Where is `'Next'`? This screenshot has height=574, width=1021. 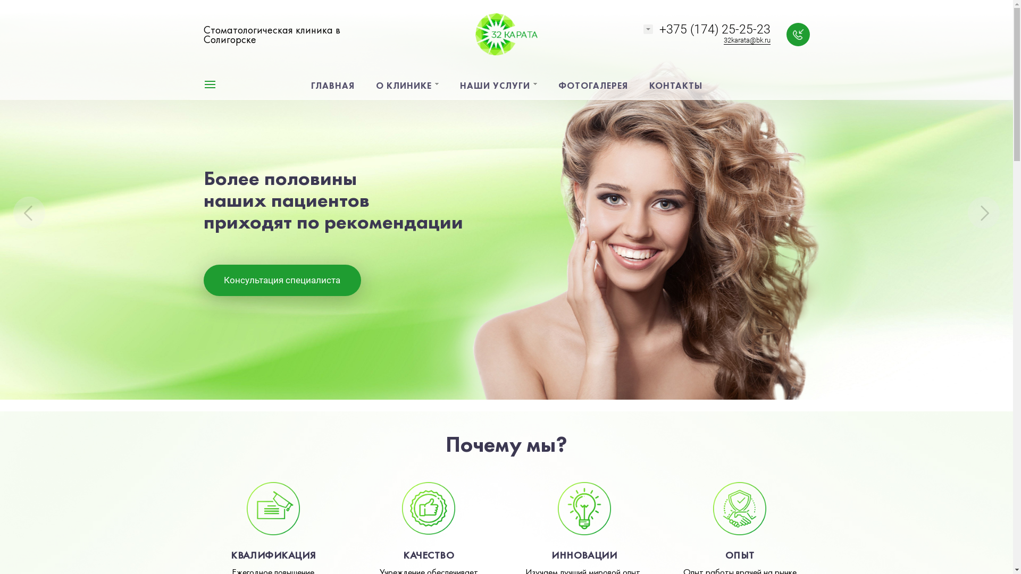
'Next' is located at coordinates (983, 213).